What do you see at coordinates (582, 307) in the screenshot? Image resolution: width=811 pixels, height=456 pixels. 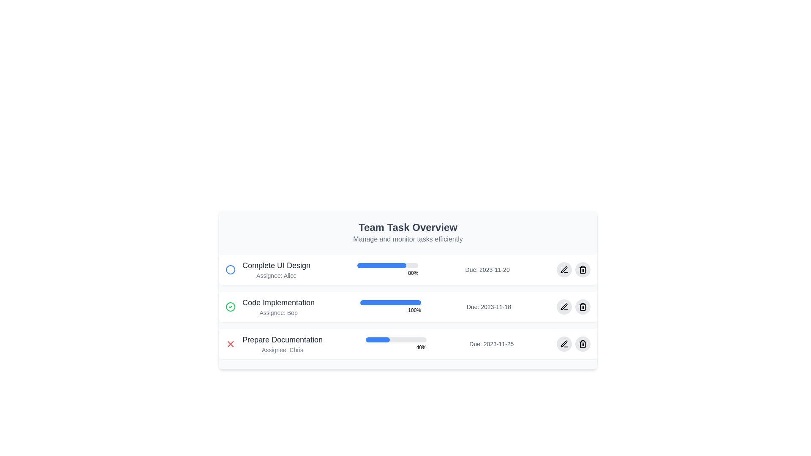 I see `the Trash-Can Icon within the Circular Button` at bounding box center [582, 307].